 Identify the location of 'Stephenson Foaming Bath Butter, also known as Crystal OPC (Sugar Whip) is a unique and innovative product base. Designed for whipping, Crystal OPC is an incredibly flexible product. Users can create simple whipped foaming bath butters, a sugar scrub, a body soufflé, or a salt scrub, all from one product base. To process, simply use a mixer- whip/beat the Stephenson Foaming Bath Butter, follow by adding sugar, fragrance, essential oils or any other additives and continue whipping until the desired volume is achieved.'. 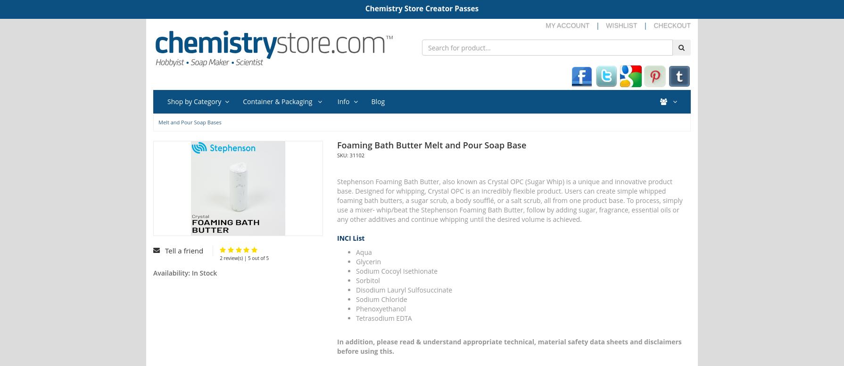
(509, 199).